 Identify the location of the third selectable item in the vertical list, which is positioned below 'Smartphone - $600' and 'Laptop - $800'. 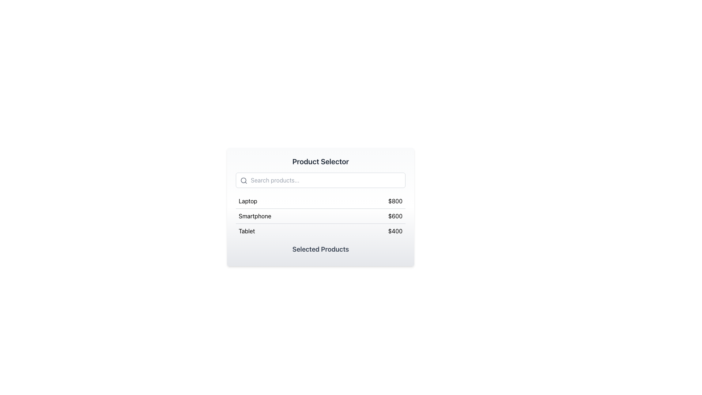
(321, 231).